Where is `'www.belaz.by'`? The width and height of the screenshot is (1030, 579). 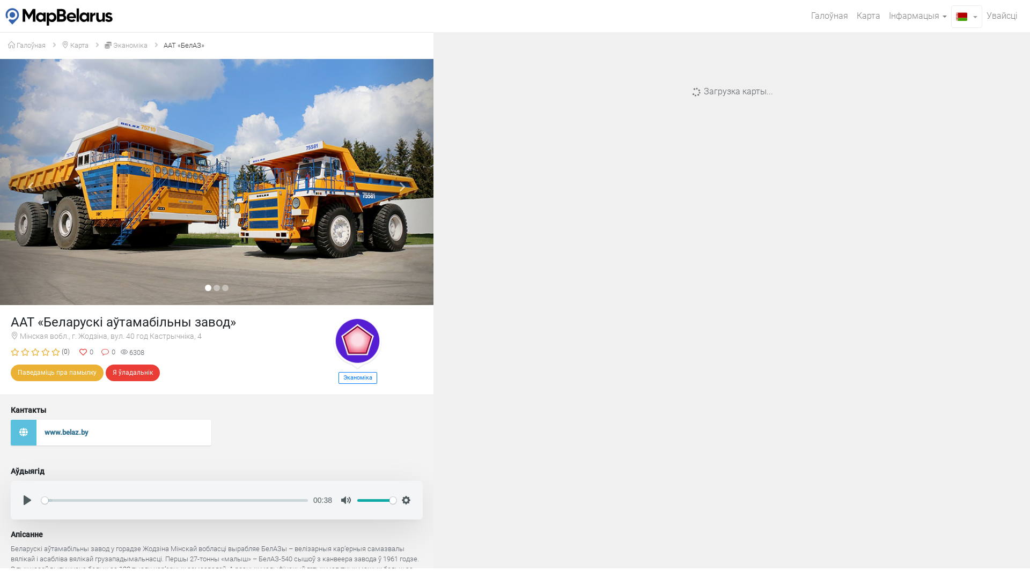 'www.belaz.by' is located at coordinates (111, 432).